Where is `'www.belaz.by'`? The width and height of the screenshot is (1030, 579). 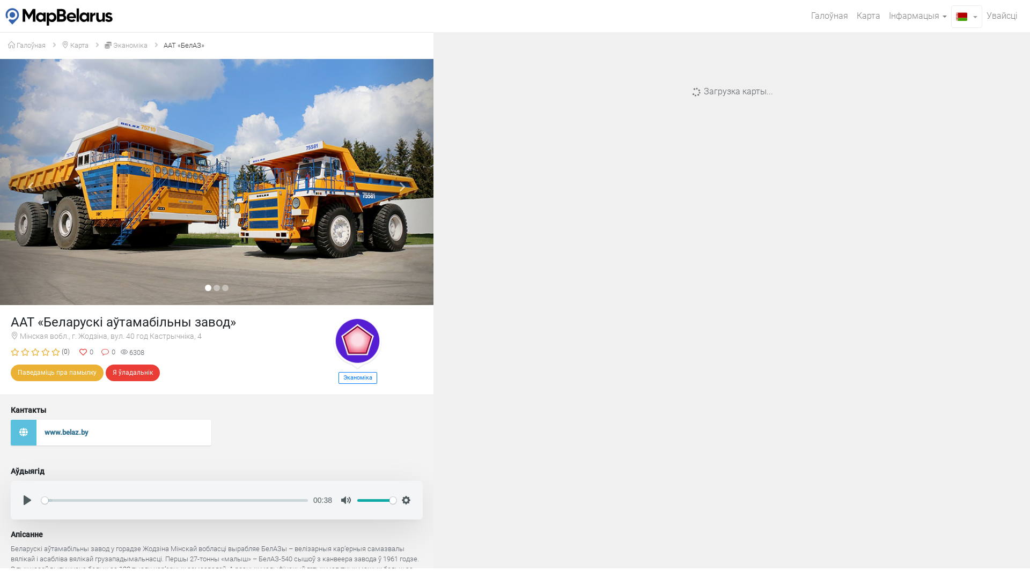 'www.belaz.by' is located at coordinates (111, 432).